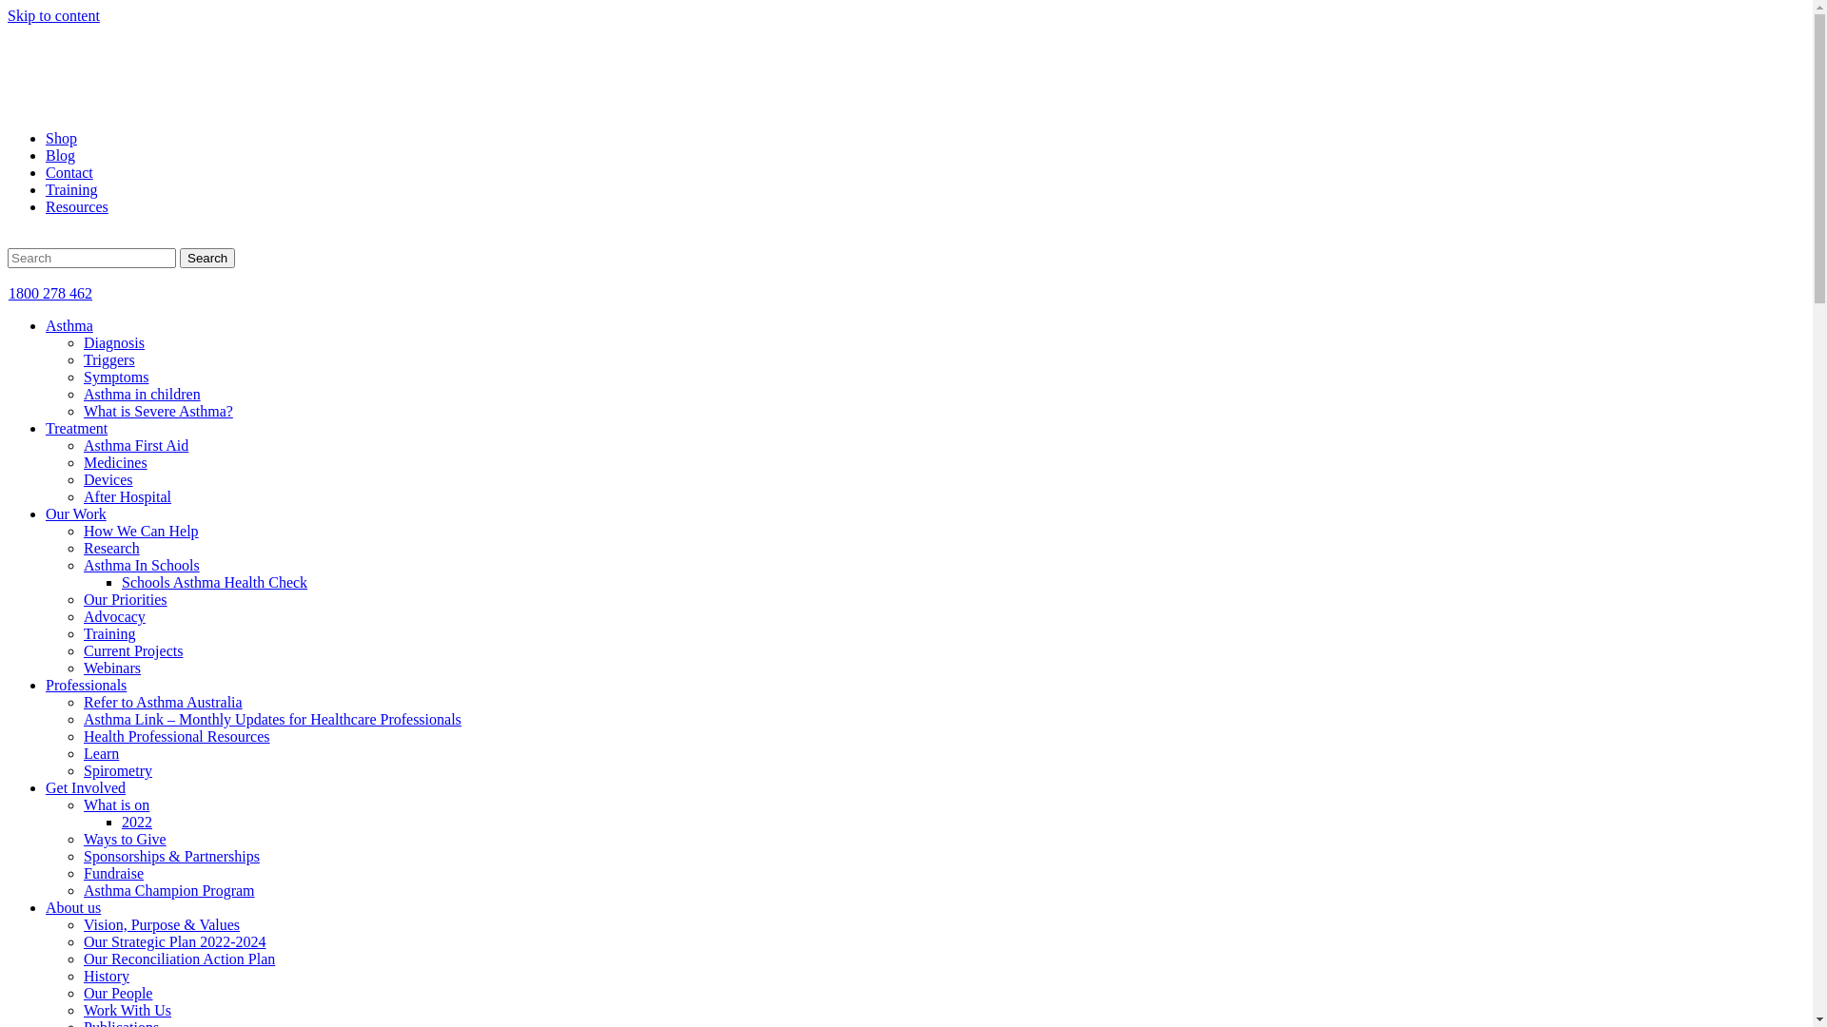 The height and width of the screenshot is (1027, 1827). Describe the element at coordinates (112, 873) in the screenshot. I see `'Fundraise'` at that location.